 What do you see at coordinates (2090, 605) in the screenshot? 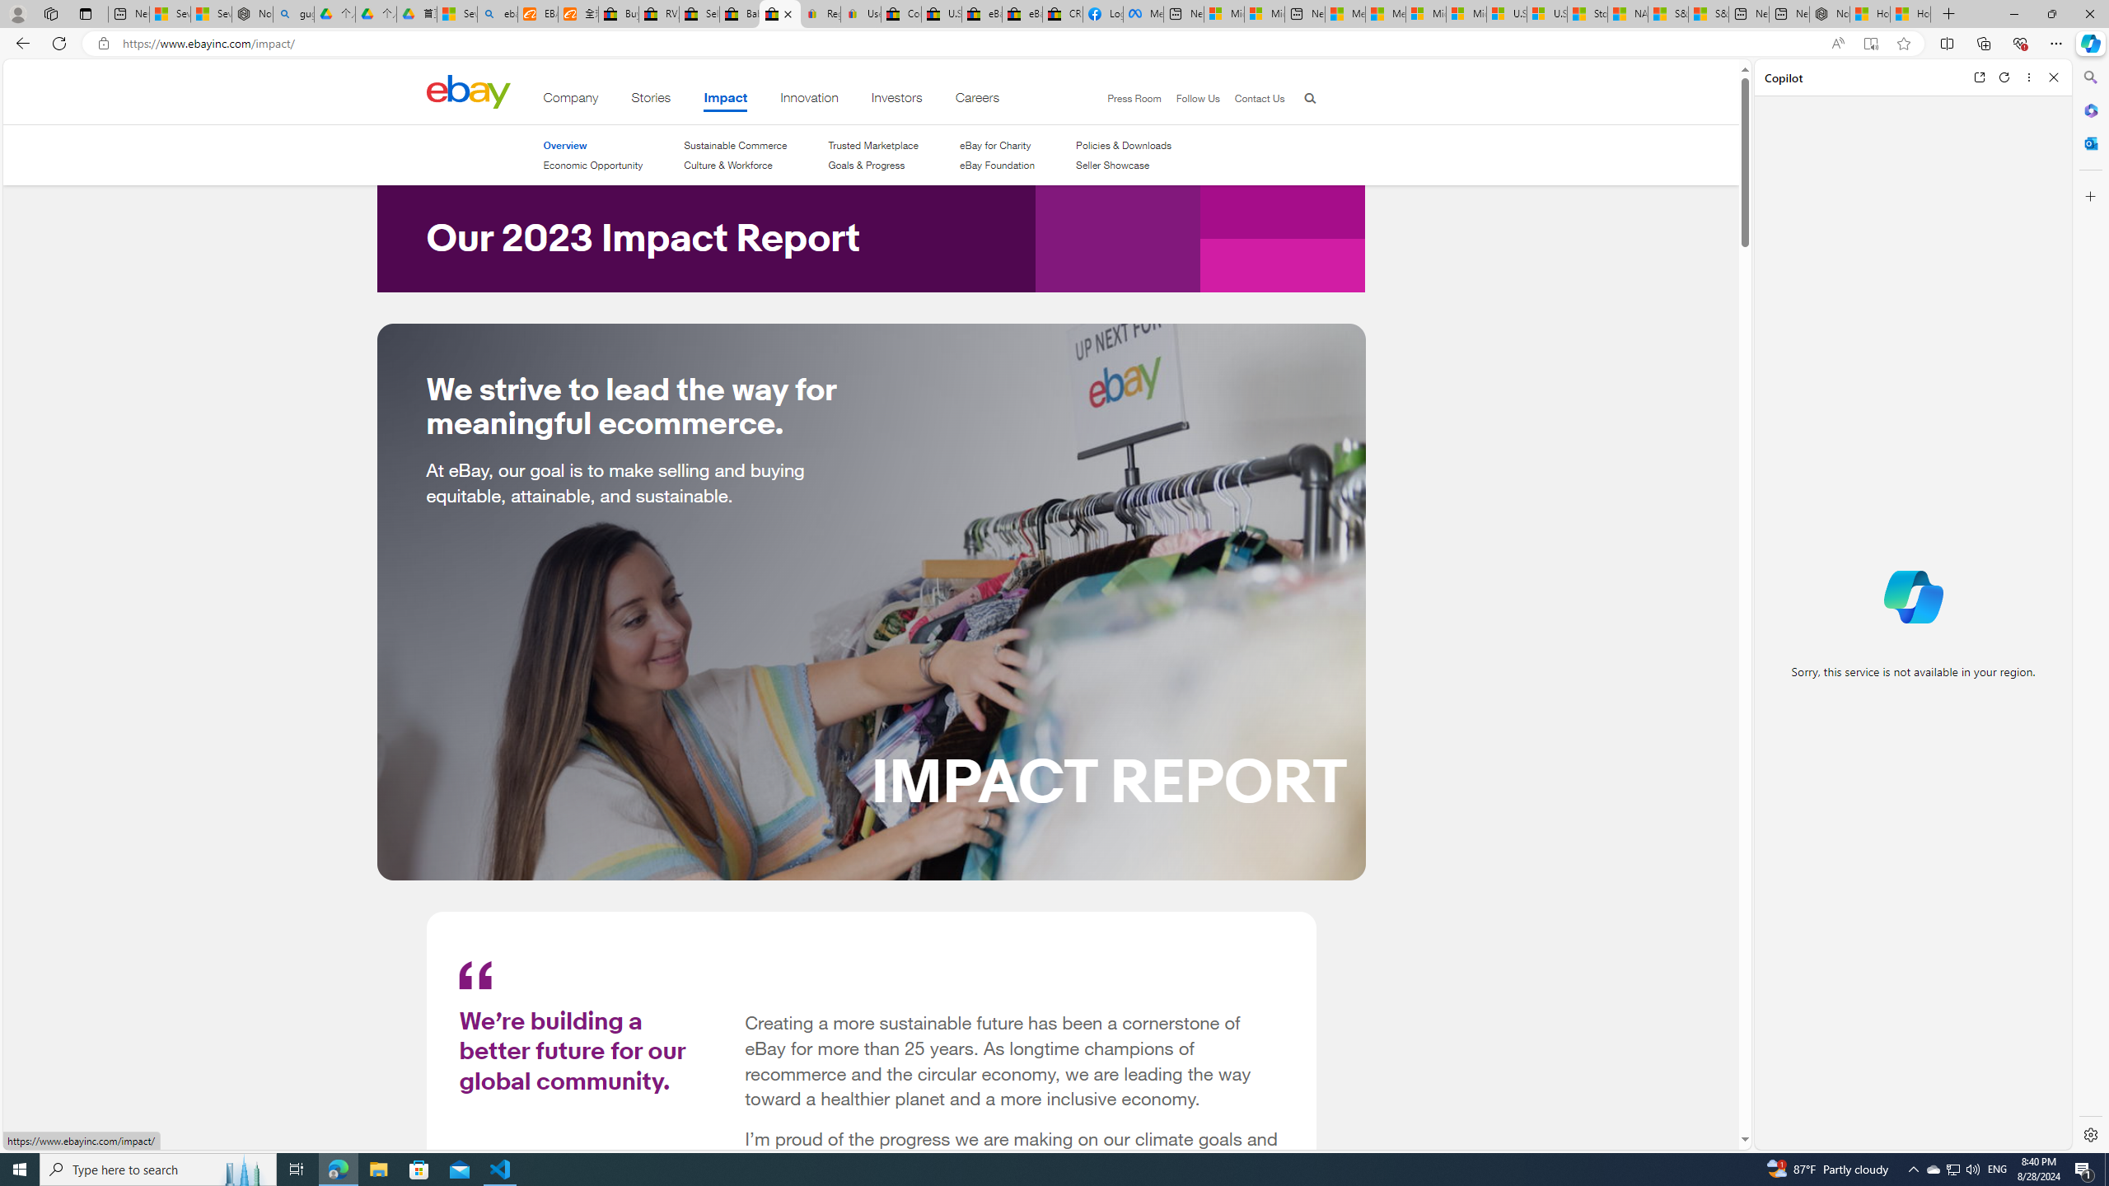
I see `'Side bar'` at bounding box center [2090, 605].